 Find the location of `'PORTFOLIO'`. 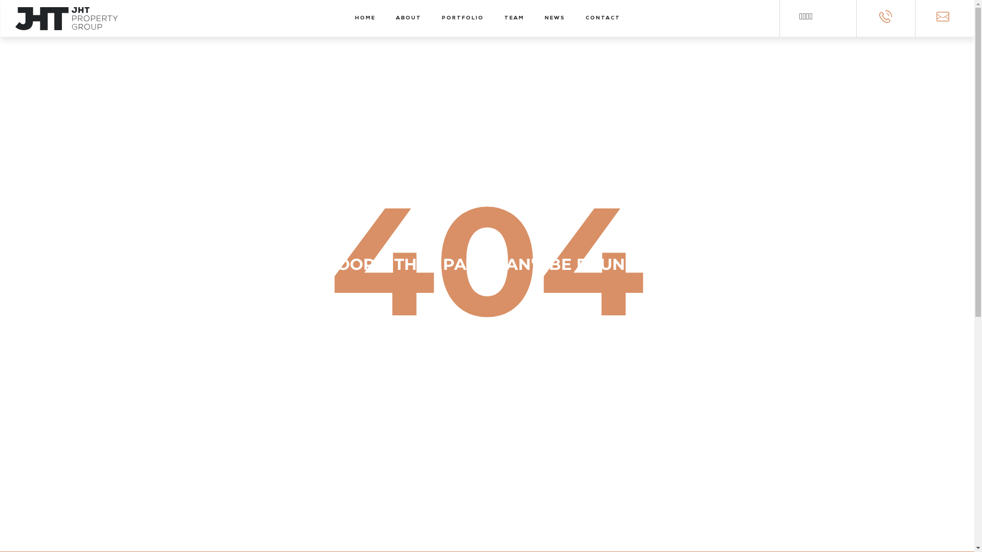

'PORTFOLIO' is located at coordinates (462, 18).